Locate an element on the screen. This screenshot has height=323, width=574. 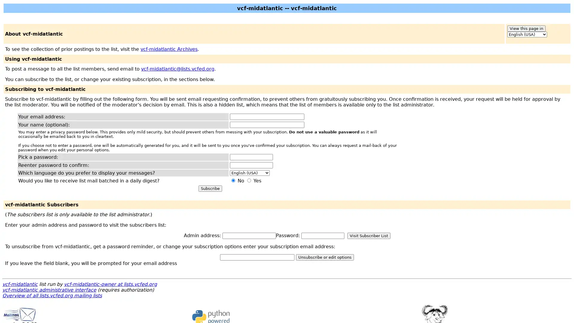
Subscribe is located at coordinates (210, 188).